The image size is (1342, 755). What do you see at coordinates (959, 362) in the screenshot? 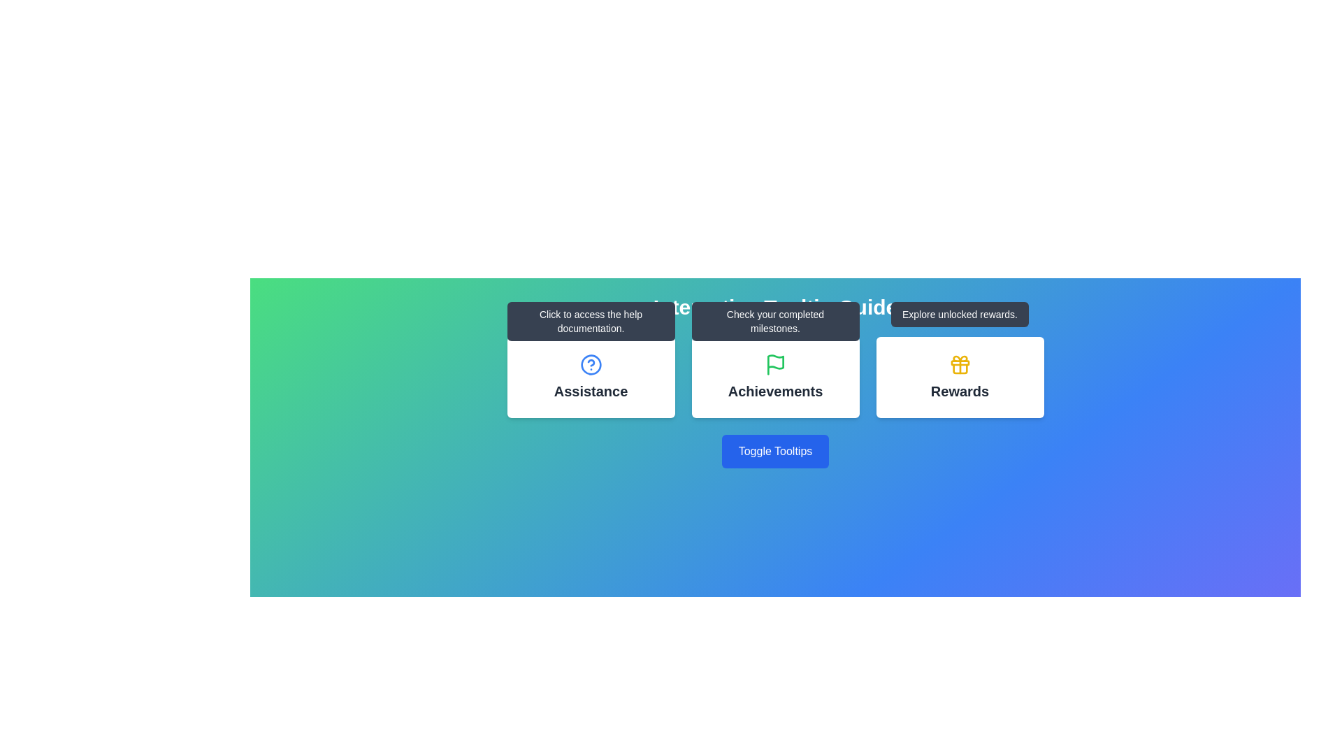
I see `the decorative SVG component that is part of the gift icon located at the top of the 'Rewards' card` at bounding box center [959, 362].